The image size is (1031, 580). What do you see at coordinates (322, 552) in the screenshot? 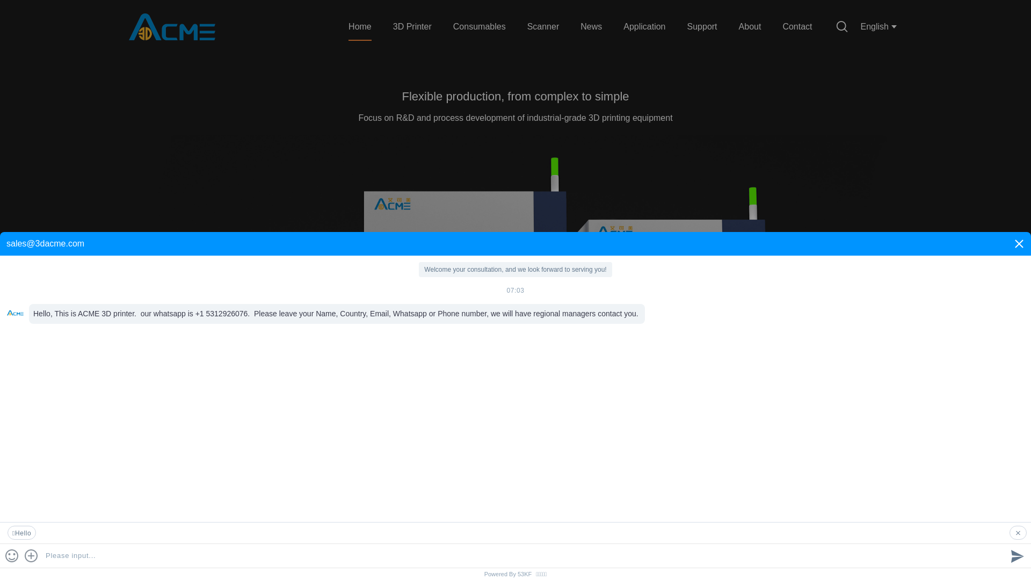
I see `'Education'` at bounding box center [322, 552].